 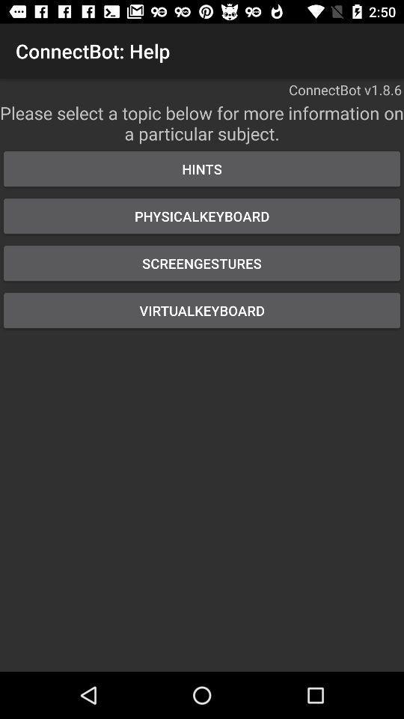 I want to click on the icon below the hints icon, so click(x=202, y=215).